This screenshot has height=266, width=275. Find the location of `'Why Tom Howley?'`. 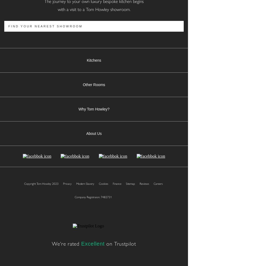

'Why Tom Howley?' is located at coordinates (78, 109).